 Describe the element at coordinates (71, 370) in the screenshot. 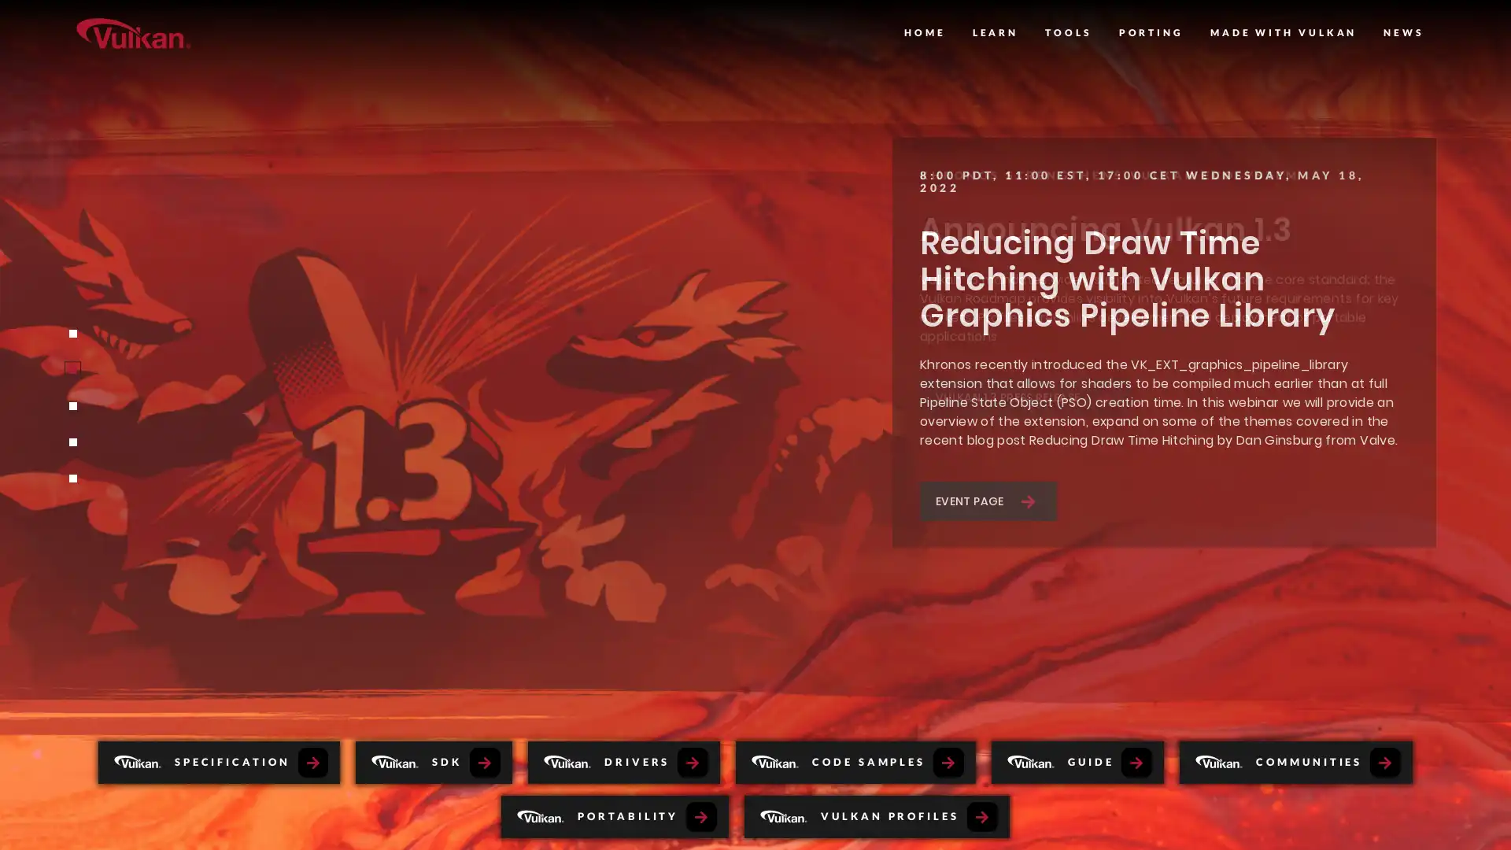

I see `2` at that location.